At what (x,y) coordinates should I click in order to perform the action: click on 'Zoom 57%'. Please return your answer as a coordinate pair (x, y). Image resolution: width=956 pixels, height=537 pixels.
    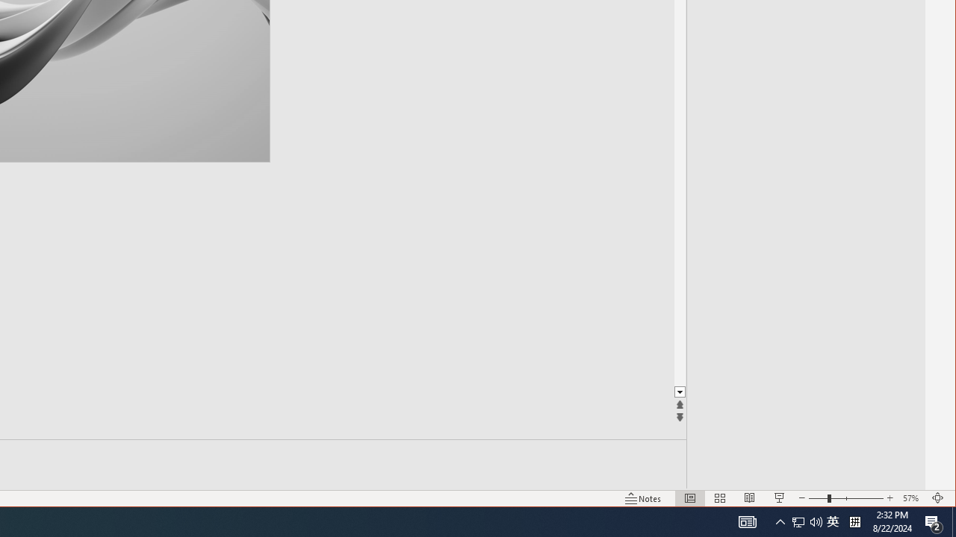
    Looking at the image, I should click on (912, 498).